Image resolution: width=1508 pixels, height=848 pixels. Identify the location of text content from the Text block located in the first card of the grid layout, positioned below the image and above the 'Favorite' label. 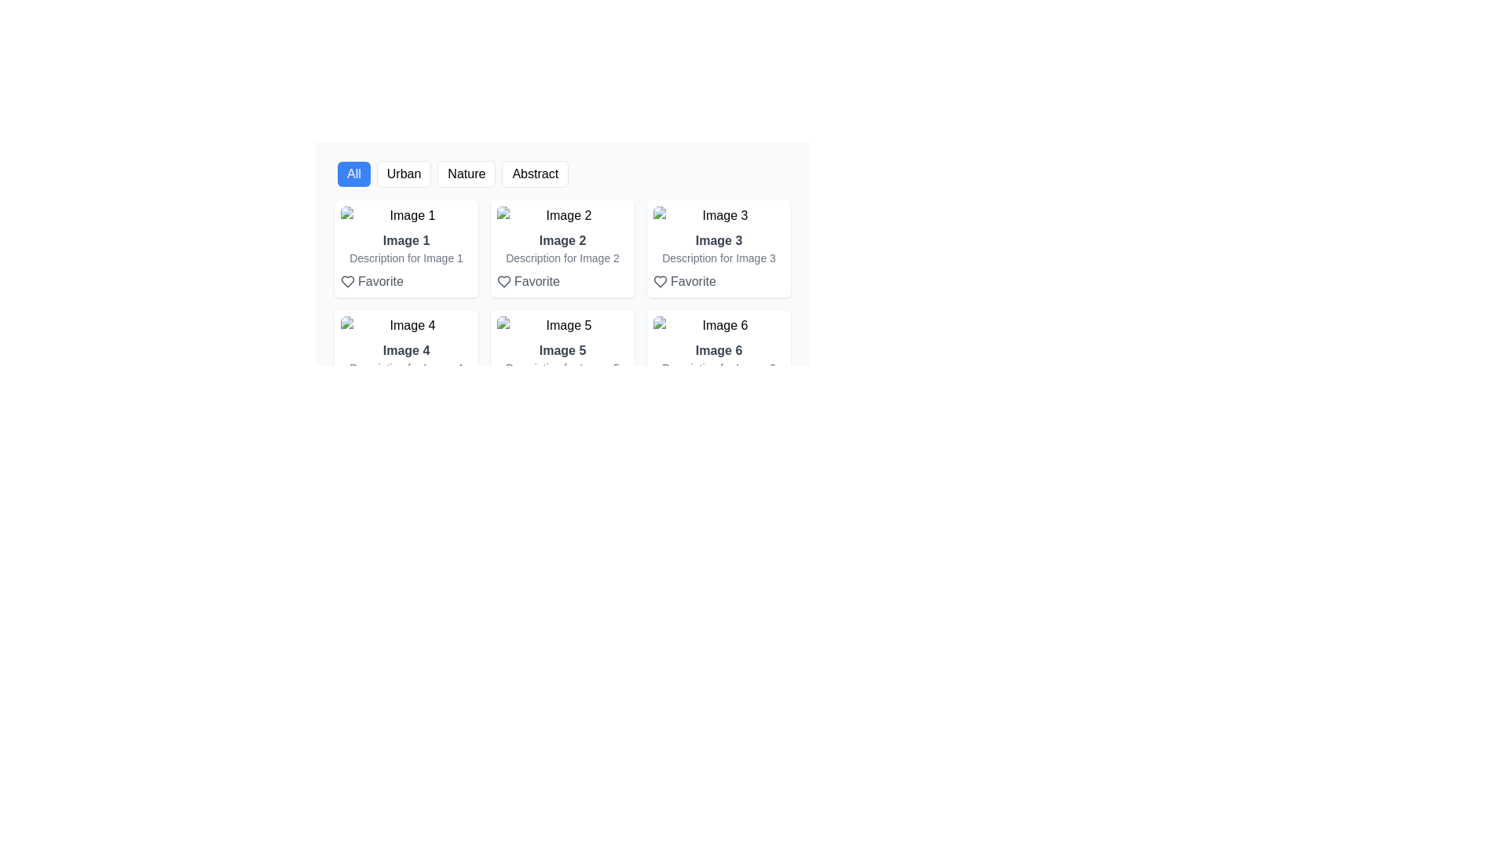
(406, 260).